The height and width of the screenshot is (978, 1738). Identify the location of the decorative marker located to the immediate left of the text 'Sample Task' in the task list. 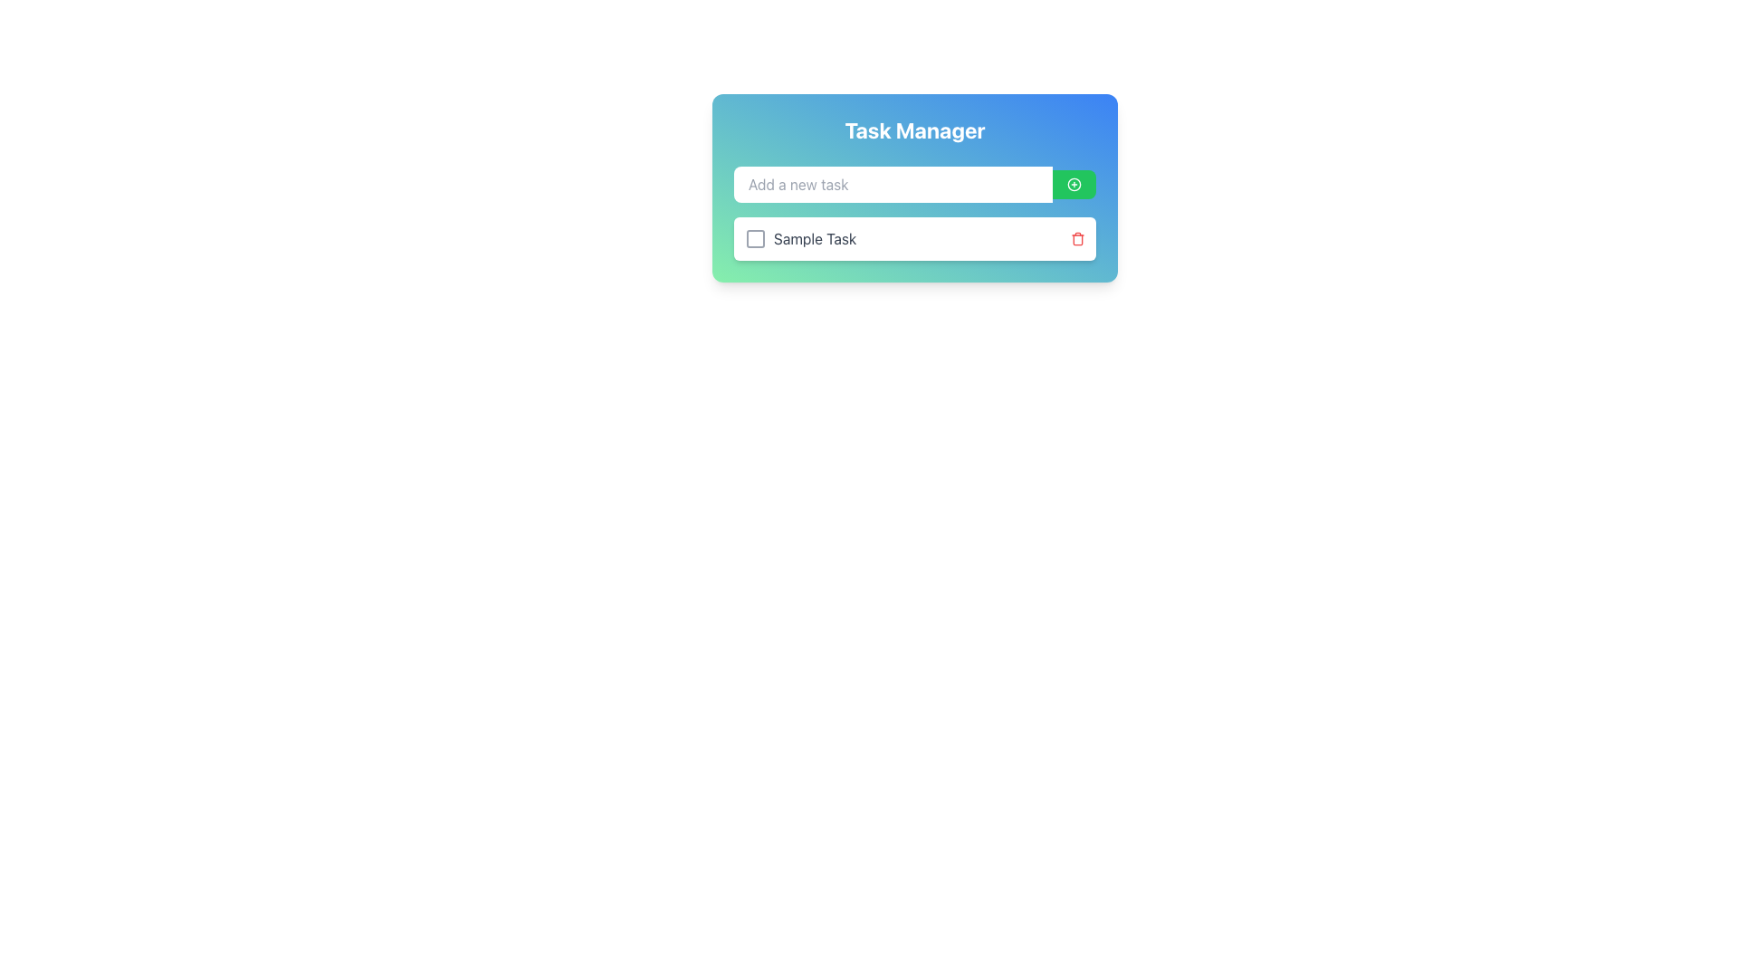
(756, 237).